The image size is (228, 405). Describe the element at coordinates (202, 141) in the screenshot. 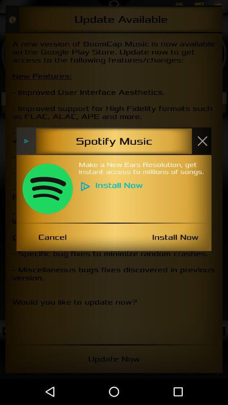

I see `this window` at that location.